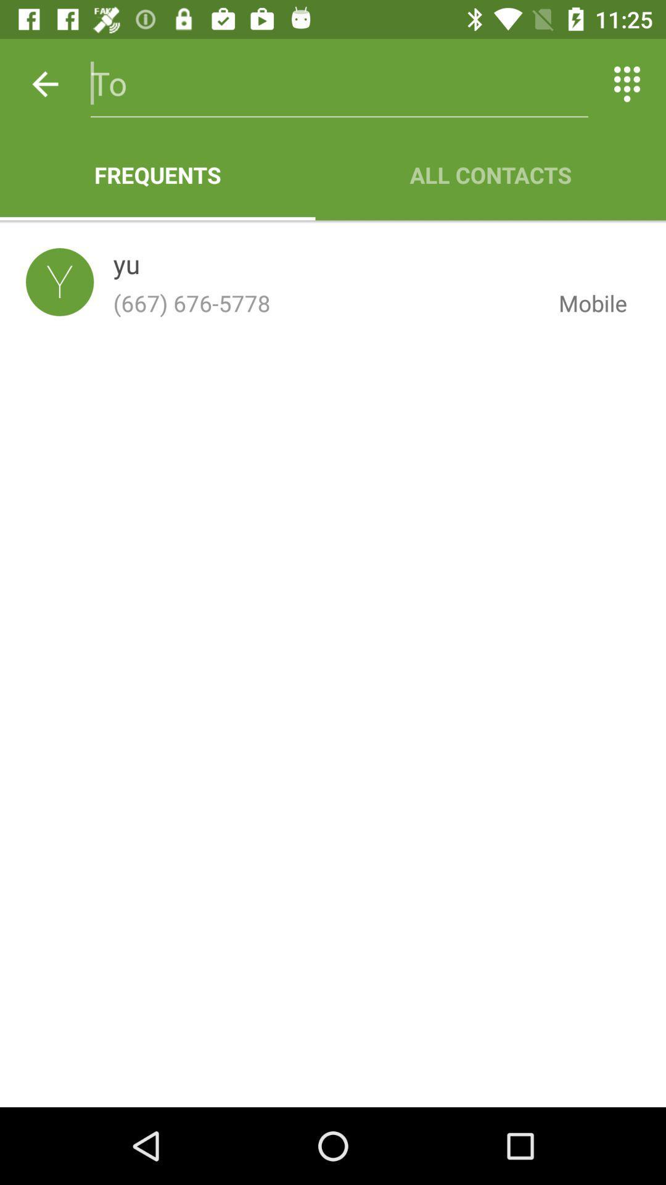  What do you see at coordinates (583, 303) in the screenshot?
I see `icon to the right of the (667) 676-5778 item` at bounding box center [583, 303].